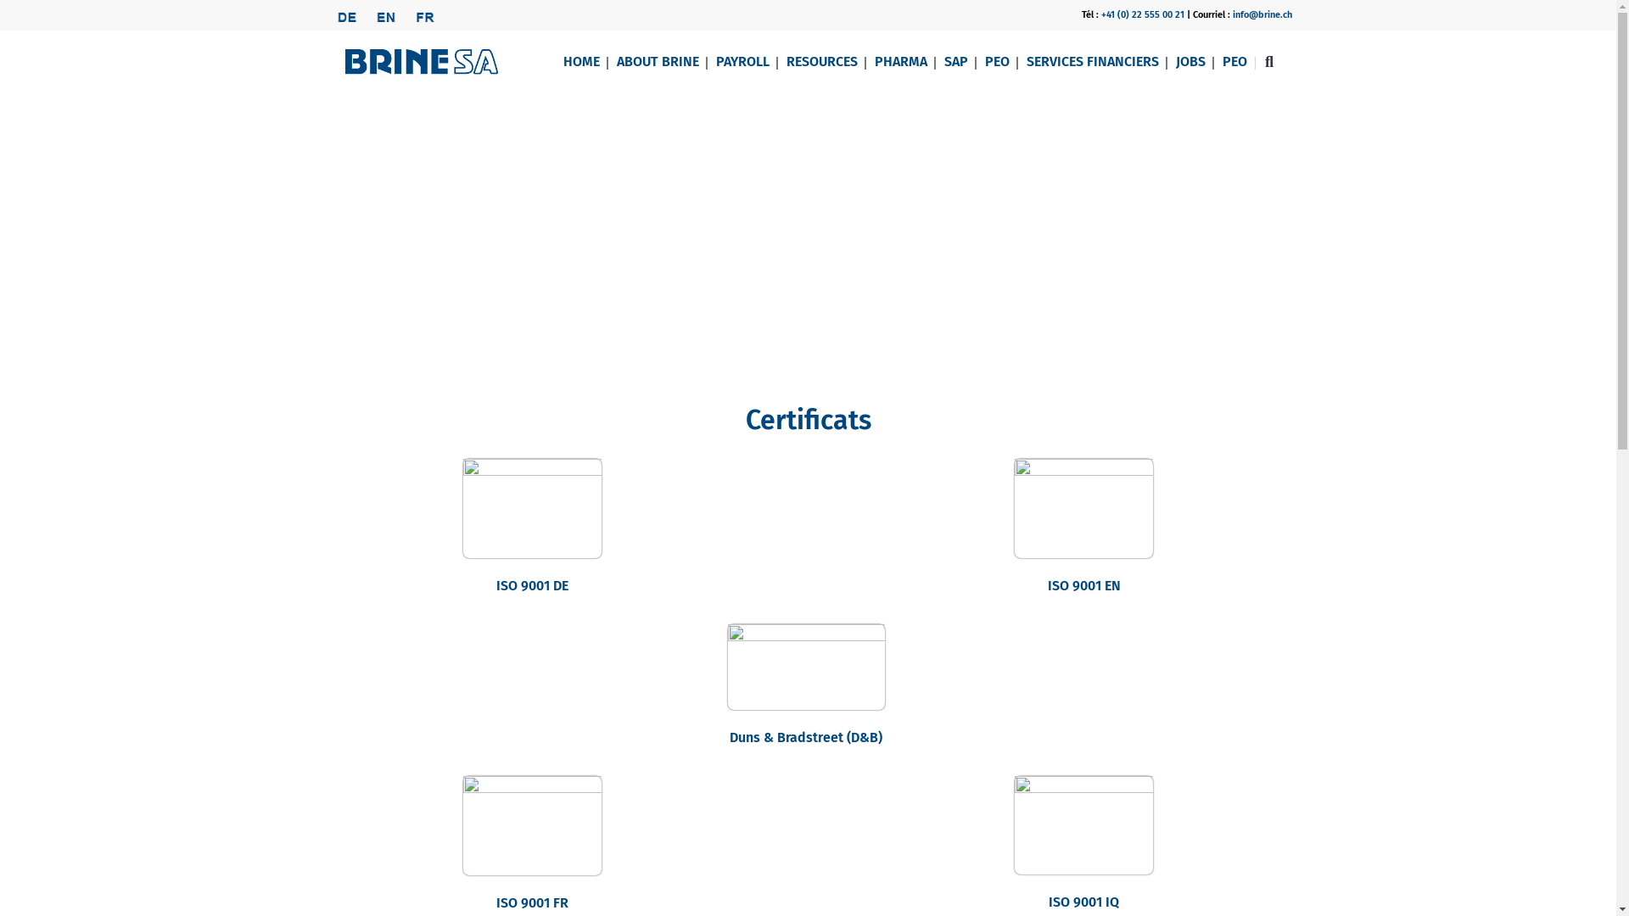 The width and height of the screenshot is (1629, 916). Describe the element at coordinates (821, 61) in the screenshot. I see `'RESOURCES'` at that location.